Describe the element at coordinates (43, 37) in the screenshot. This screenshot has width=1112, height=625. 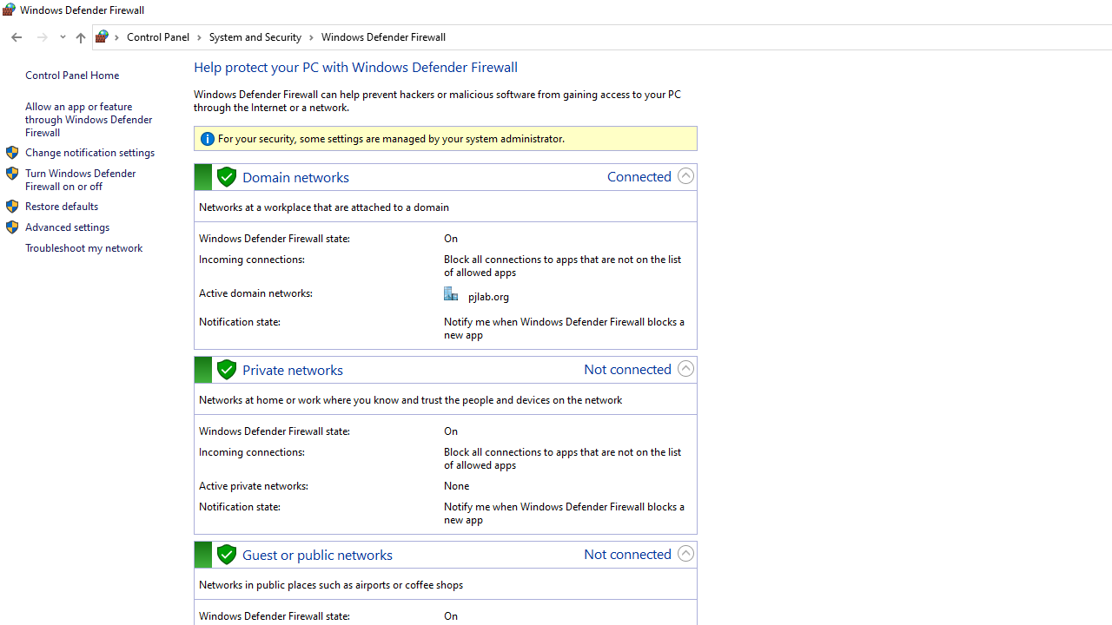
I see `'Forward (Alt + Right Arrow)'` at that location.